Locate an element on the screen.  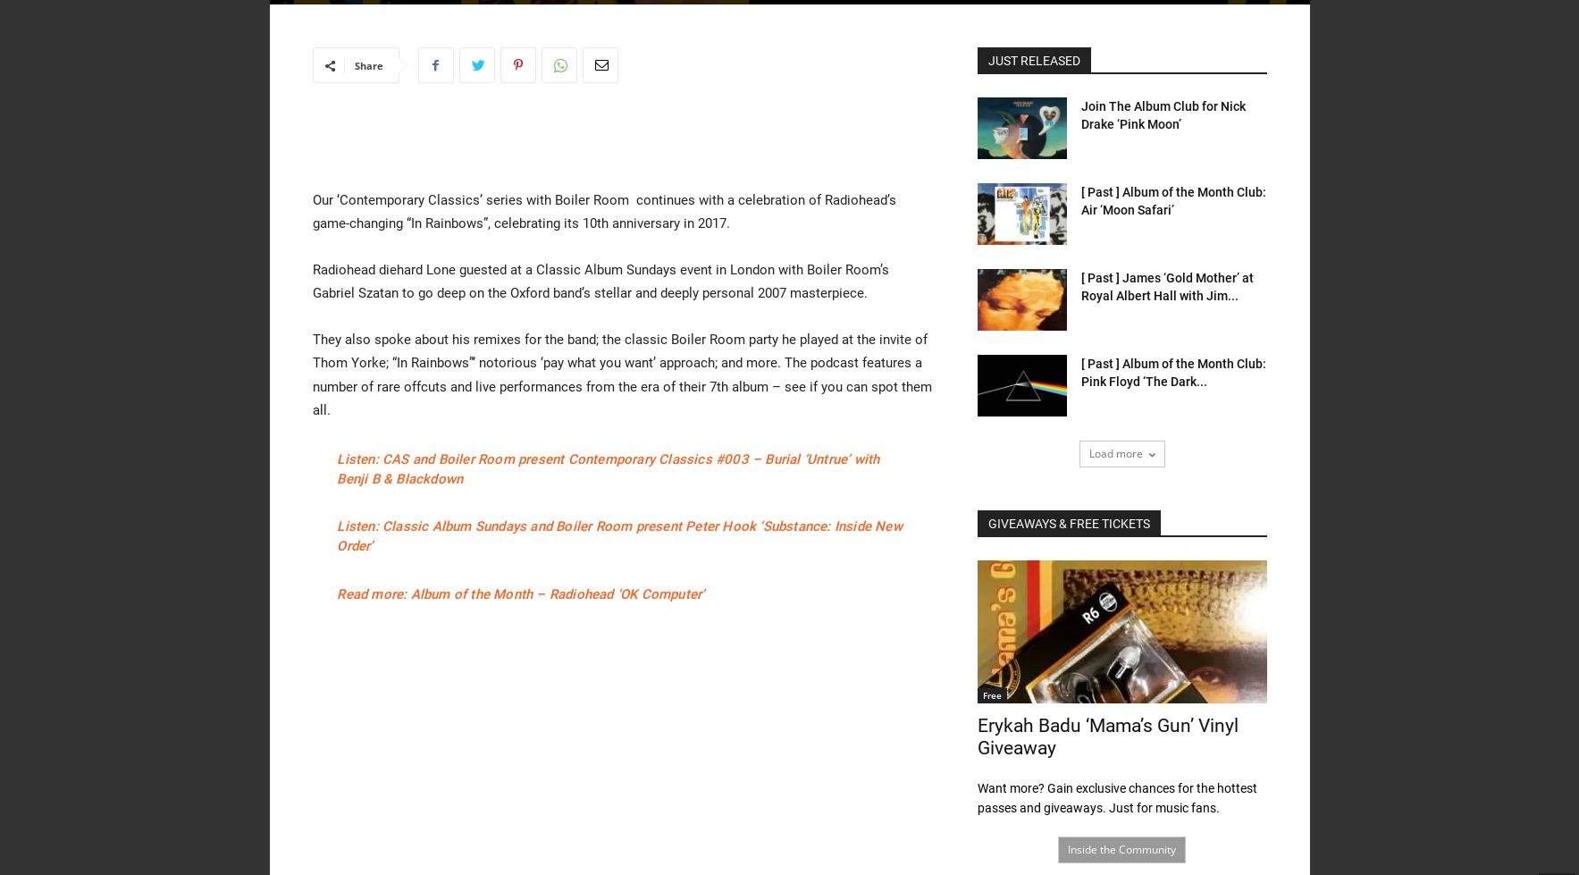
'Radiohead diehard Lone guested at a Classic Album Sundays event in London with Boiler Room’s Gabriel Szatan to go deep on the Oxford band’s stellar and deeply personal 2007 masterpiece.' is located at coordinates (599, 282).